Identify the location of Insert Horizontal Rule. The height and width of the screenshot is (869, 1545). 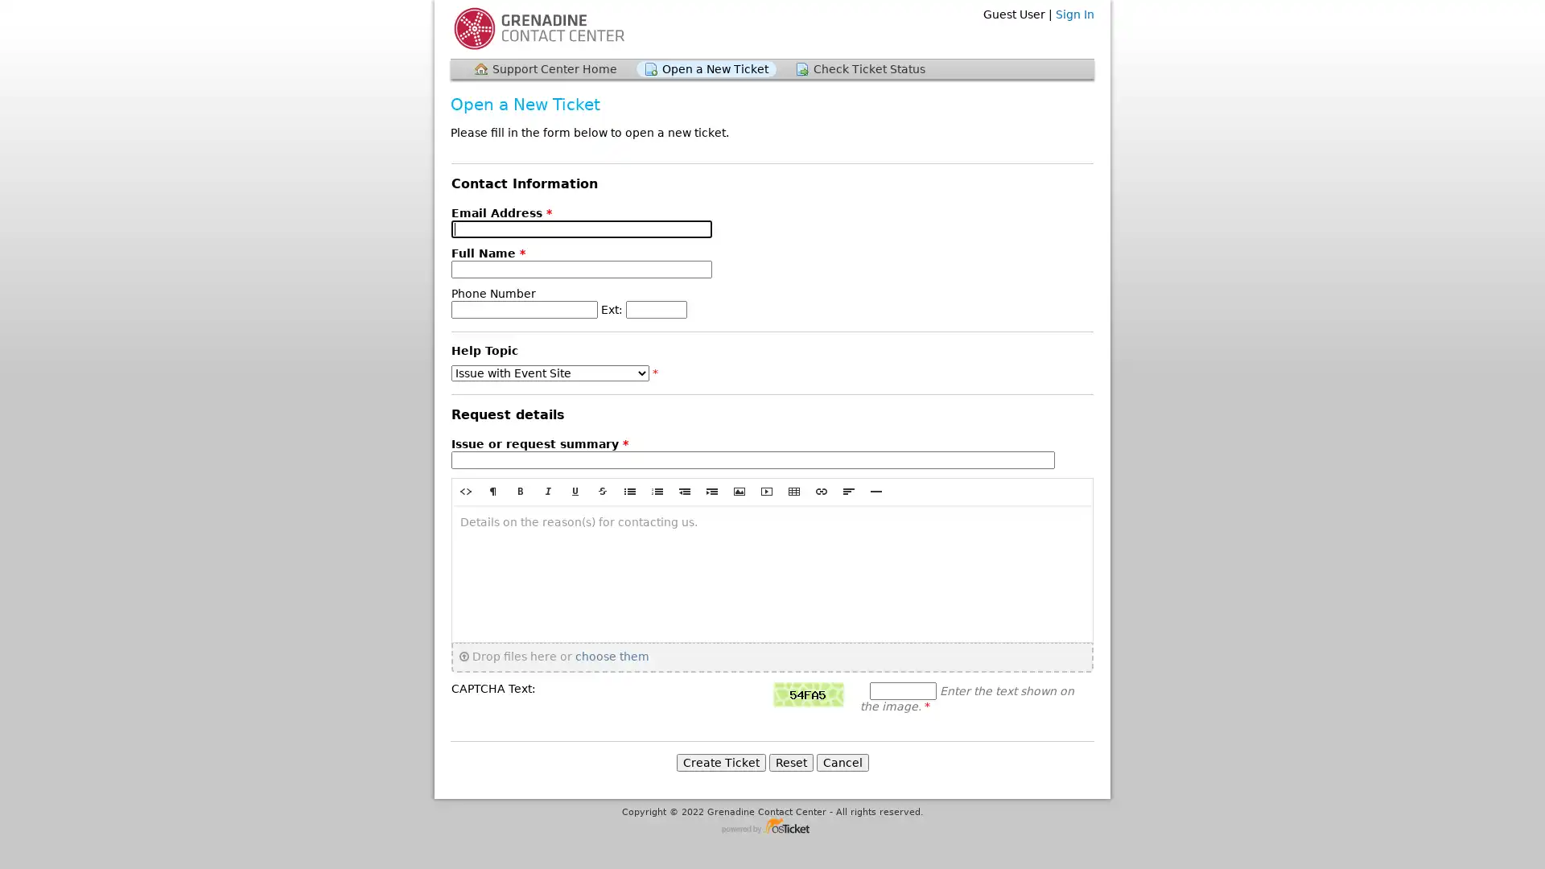
(875, 490).